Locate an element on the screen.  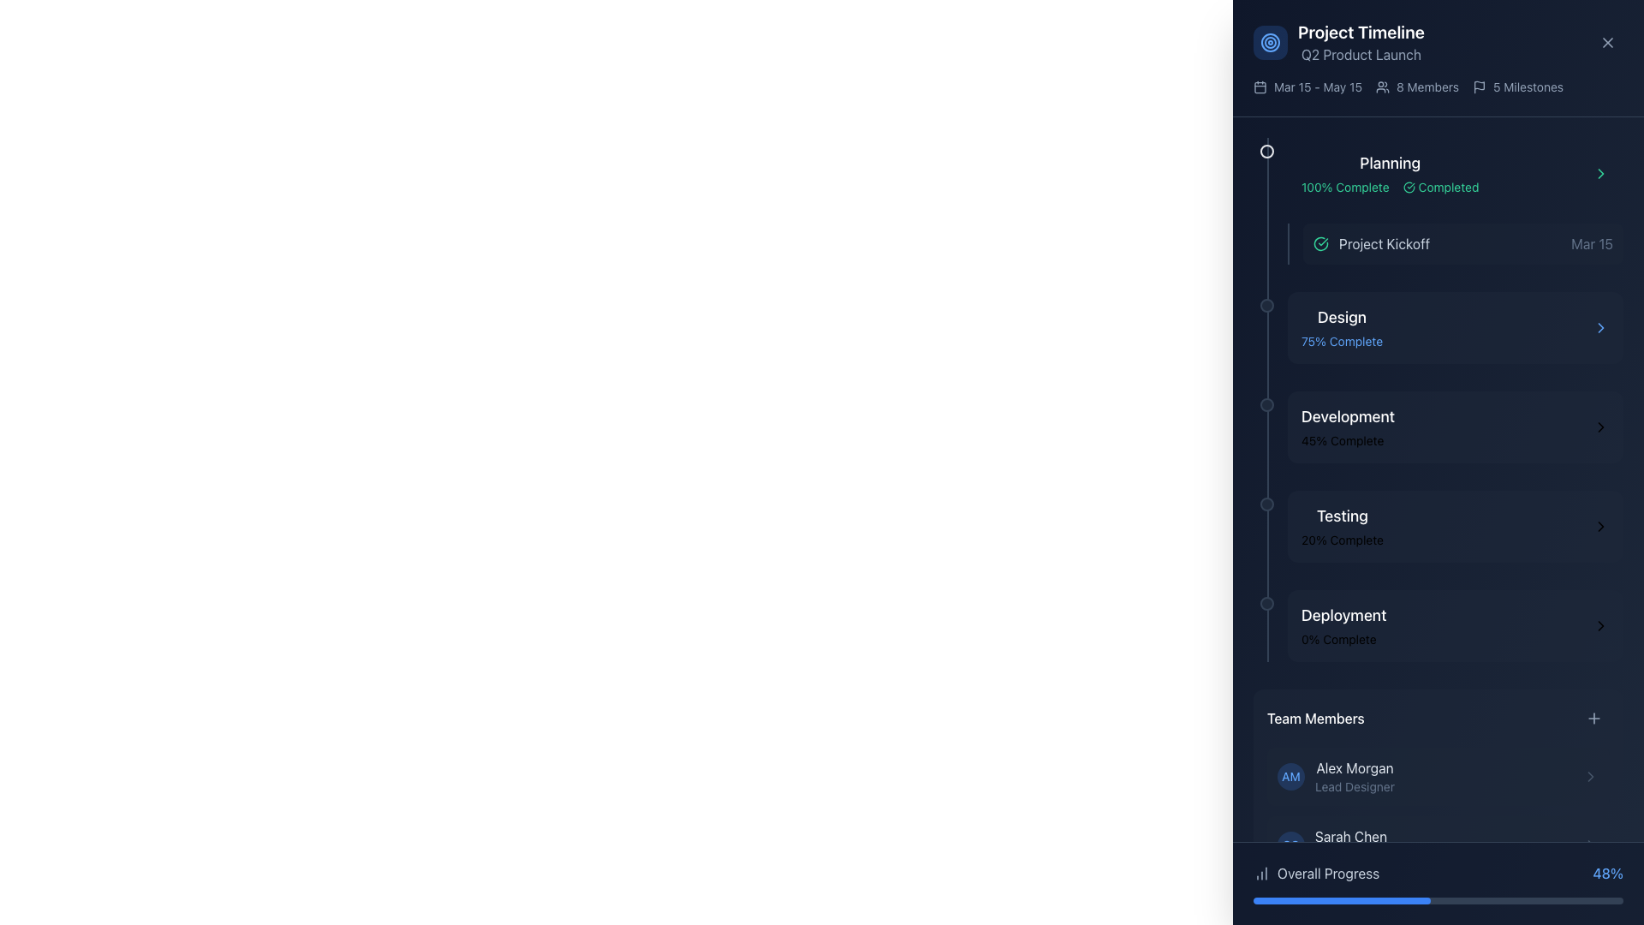
the 'Deployment' section in the project timeline interface is located at coordinates (1454, 626).